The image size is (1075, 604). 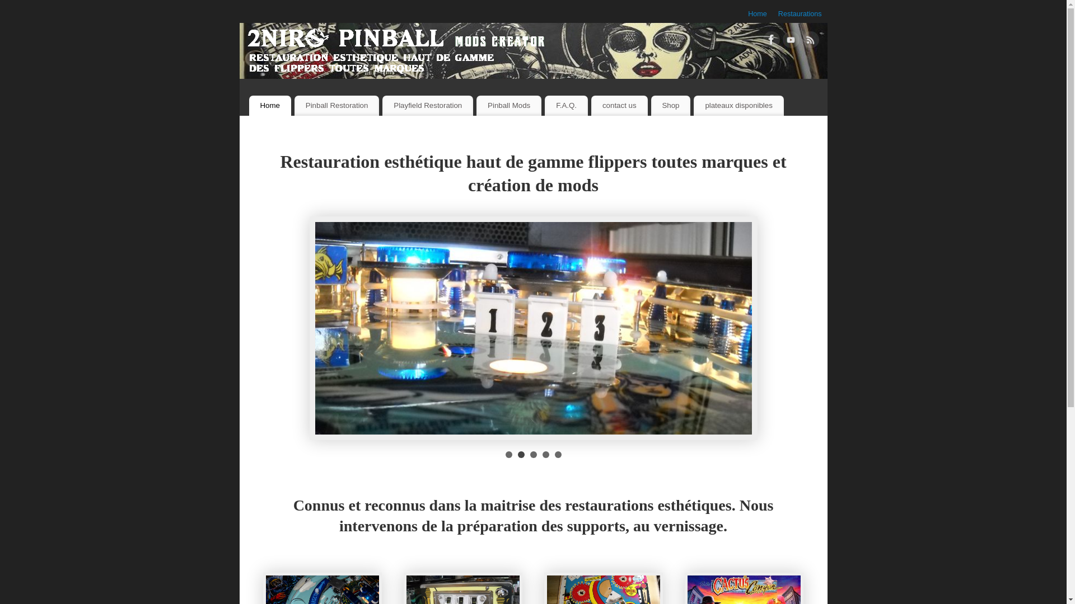 What do you see at coordinates (770, 41) in the screenshot?
I see `'Facebook'` at bounding box center [770, 41].